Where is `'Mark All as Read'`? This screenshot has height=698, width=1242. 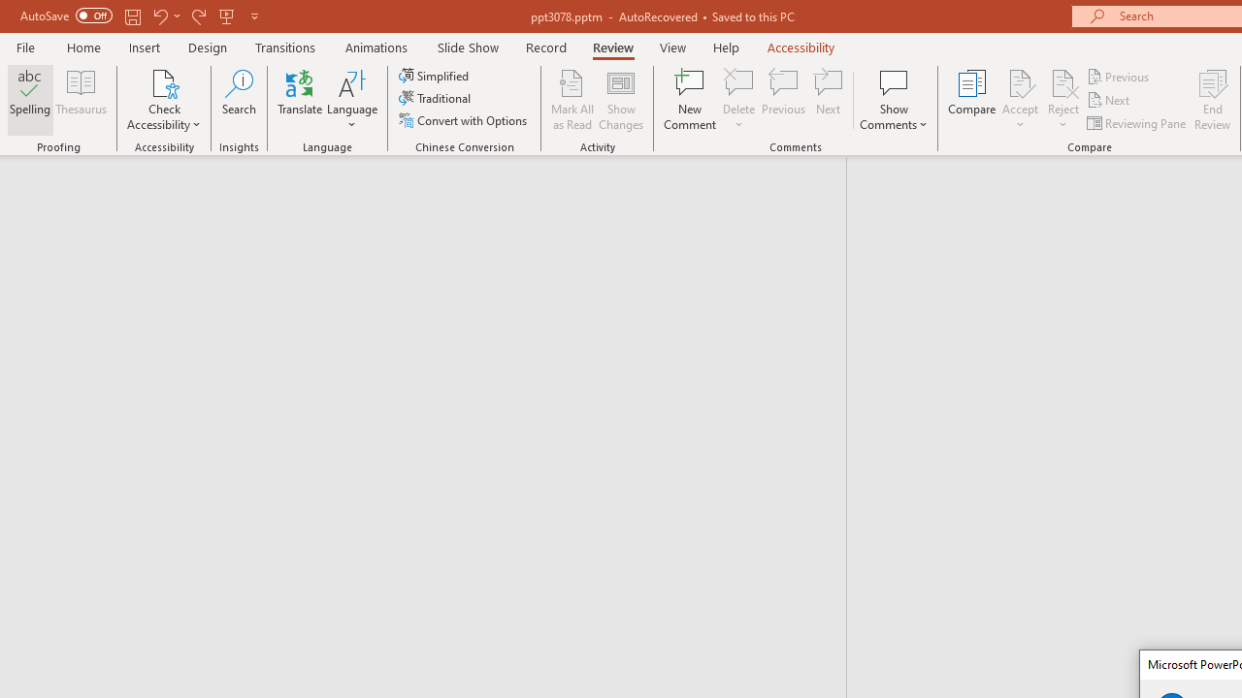 'Mark All as Read' is located at coordinates (572, 100).